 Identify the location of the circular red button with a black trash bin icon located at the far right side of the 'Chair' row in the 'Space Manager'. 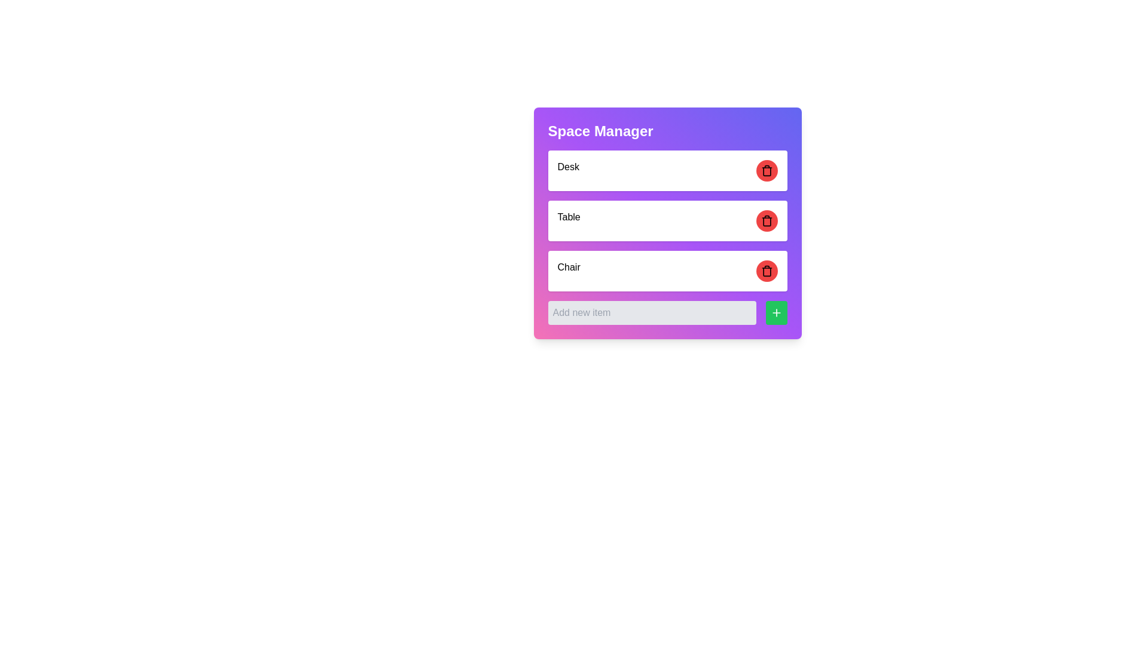
(767, 271).